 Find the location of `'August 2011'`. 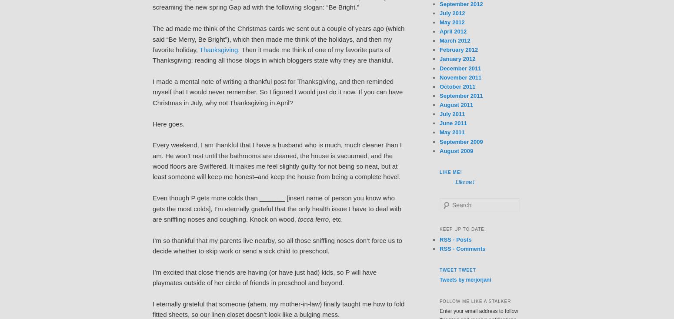

'August 2011' is located at coordinates (440, 105).